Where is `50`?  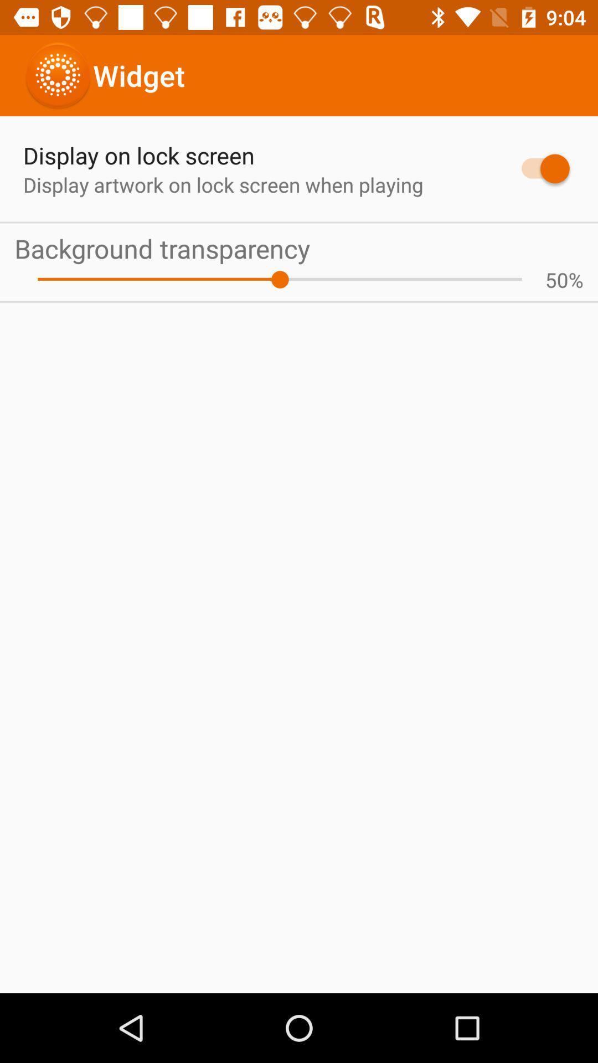
50 is located at coordinates (556, 280).